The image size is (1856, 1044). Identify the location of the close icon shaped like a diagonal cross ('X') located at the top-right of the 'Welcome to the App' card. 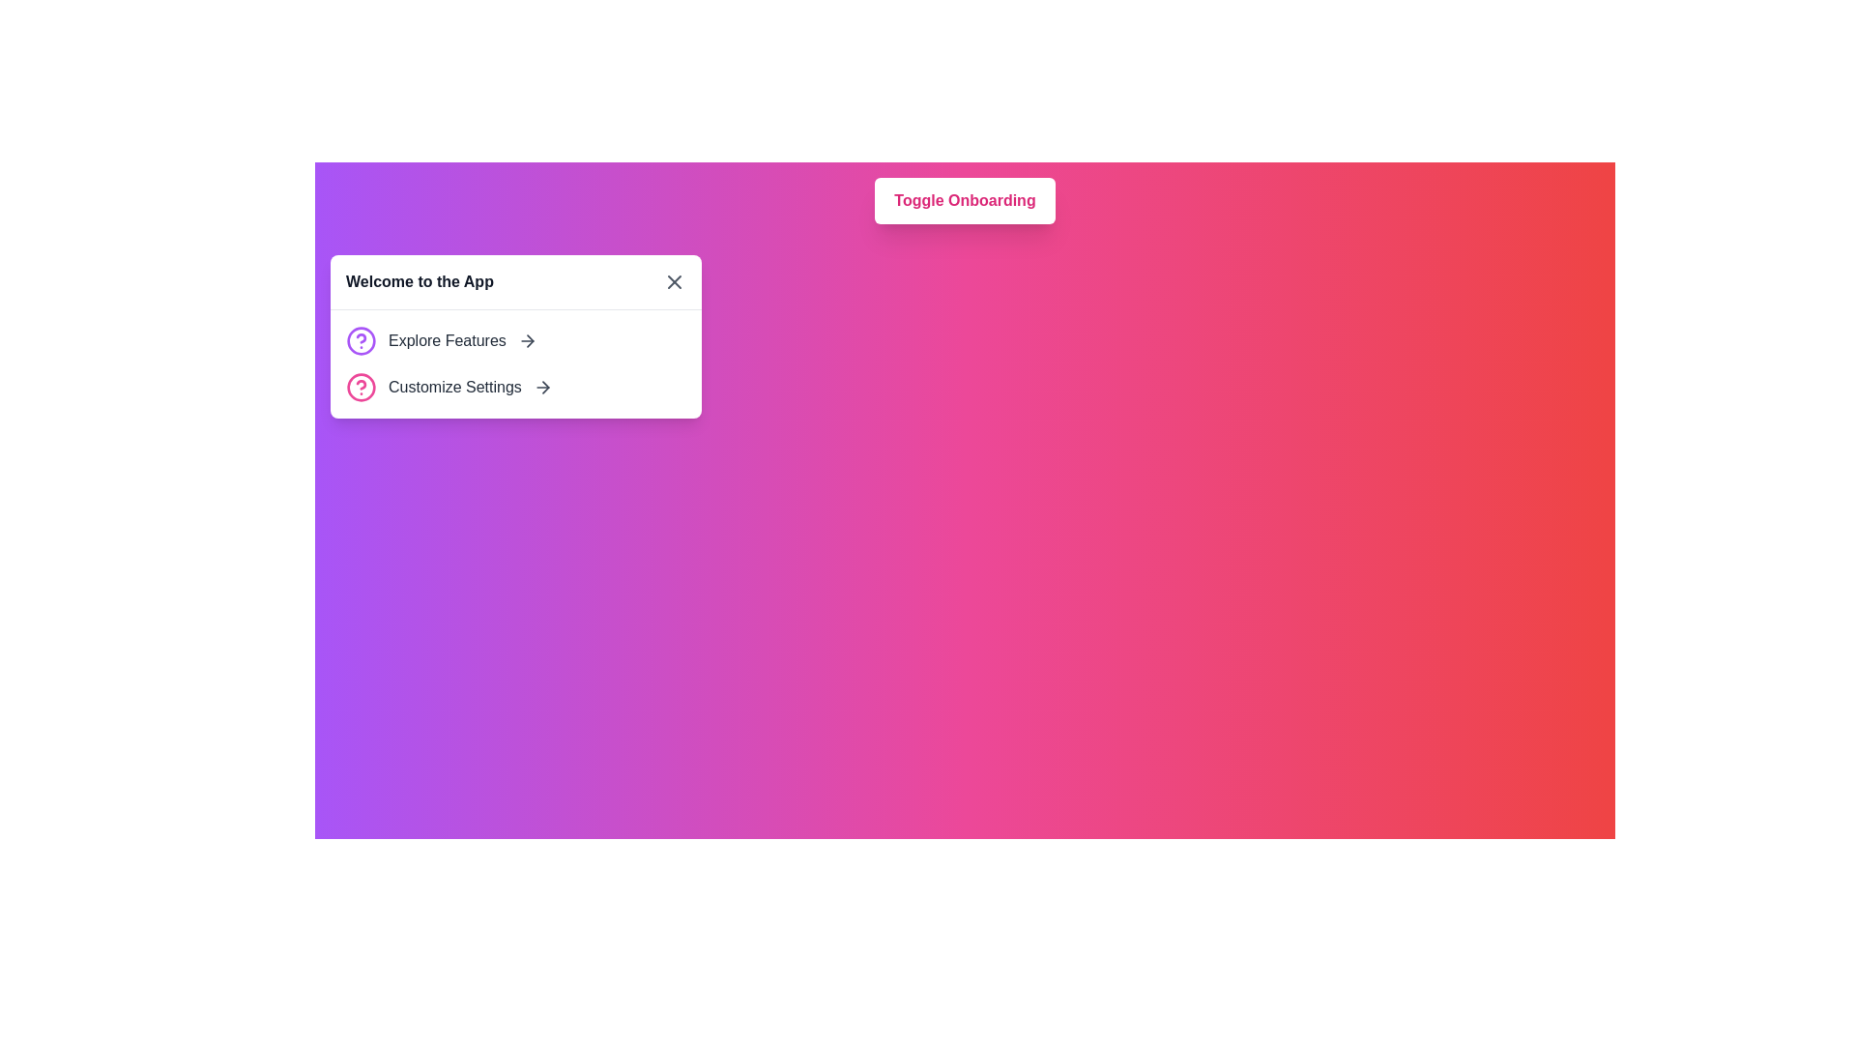
(674, 282).